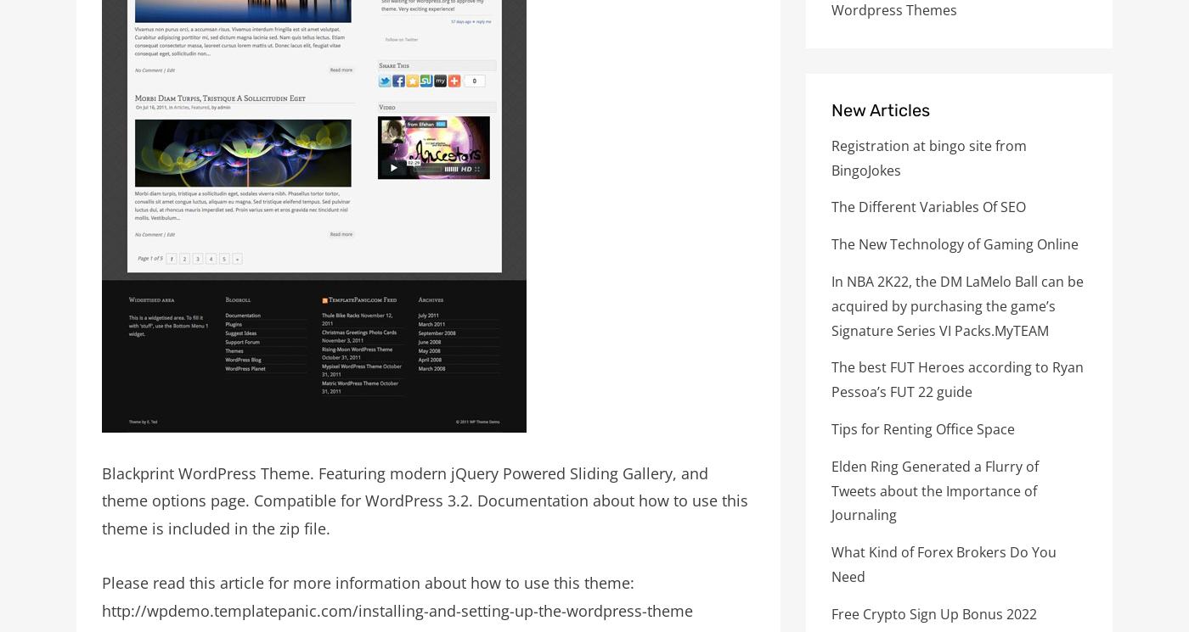  Describe the element at coordinates (925, 428) in the screenshot. I see `'Tips for Renting Office Space'` at that location.